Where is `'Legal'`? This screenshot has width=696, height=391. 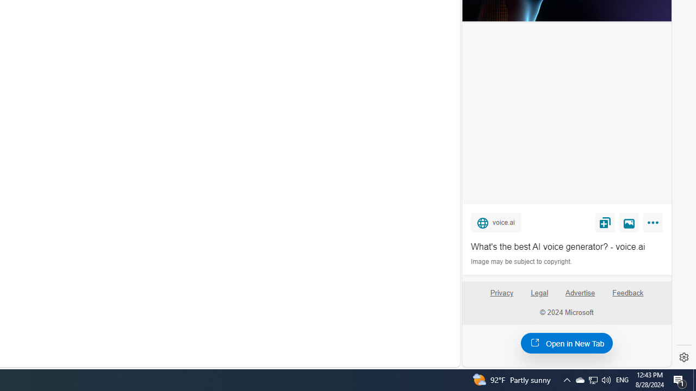
'Legal' is located at coordinates (539, 297).